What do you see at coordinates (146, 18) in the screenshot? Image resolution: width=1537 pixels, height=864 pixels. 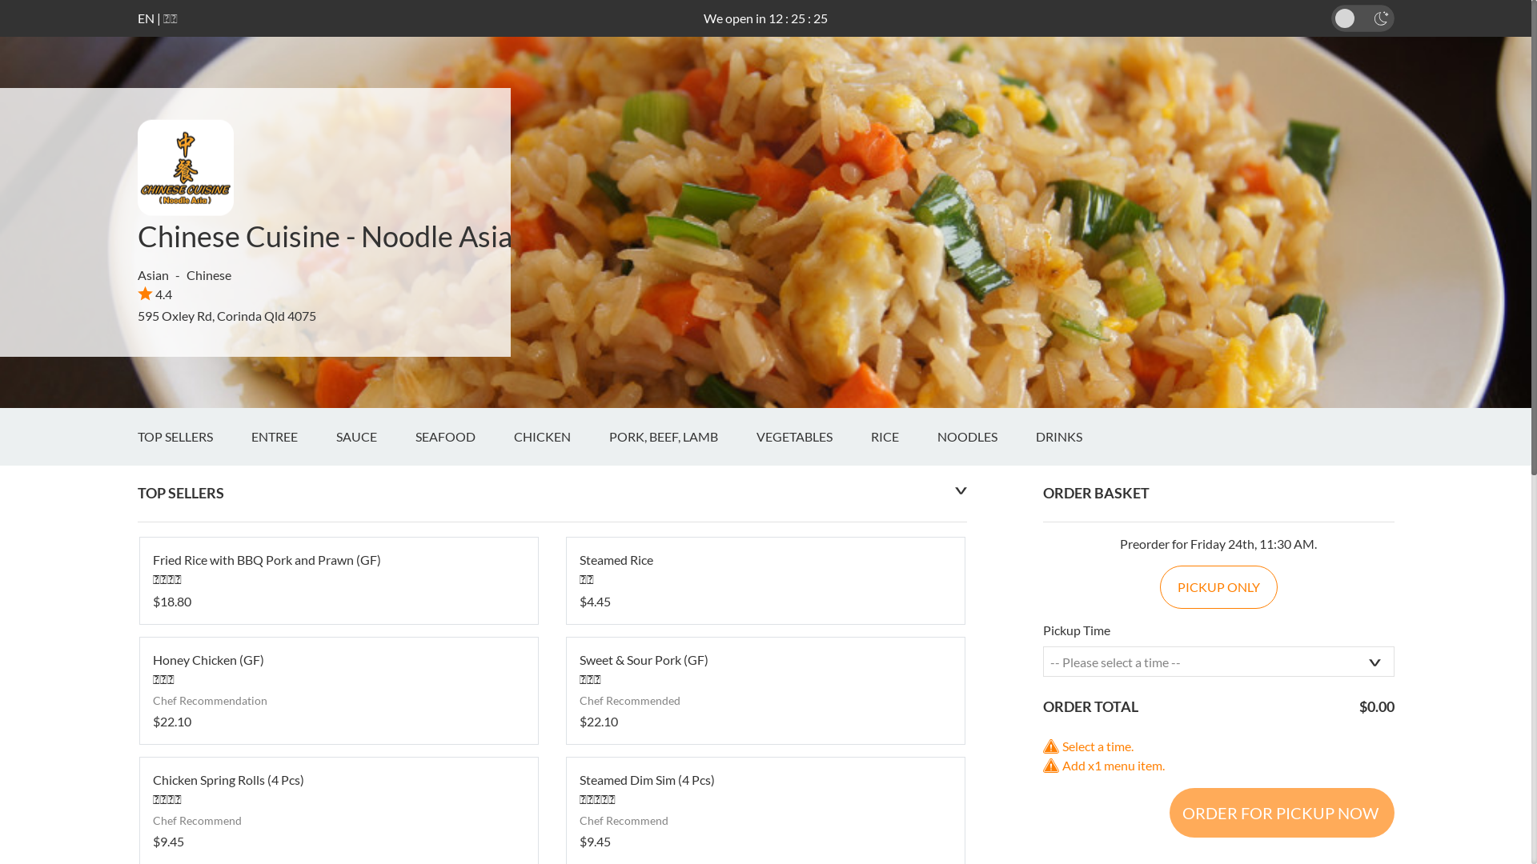 I see `'EN'` at bounding box center [146, 18].